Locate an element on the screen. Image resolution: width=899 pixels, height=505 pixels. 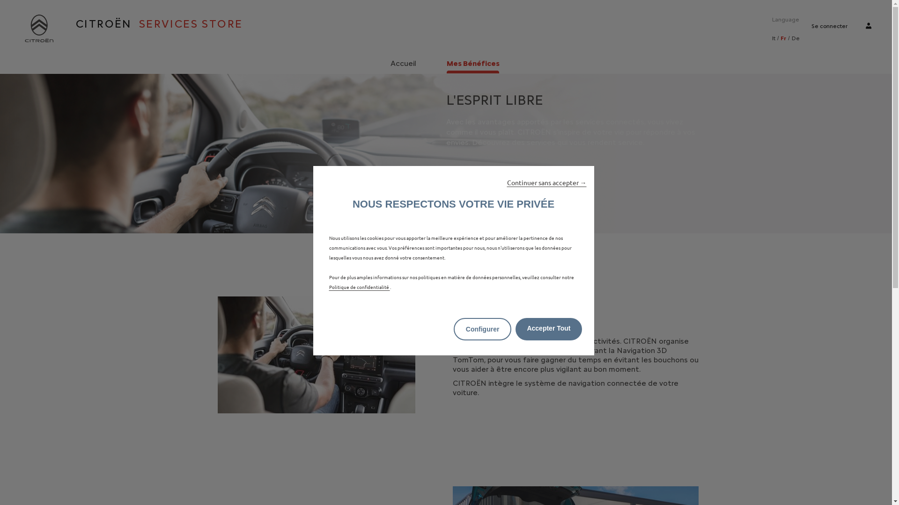
'Vivez' is located at coordinates (317, 355).